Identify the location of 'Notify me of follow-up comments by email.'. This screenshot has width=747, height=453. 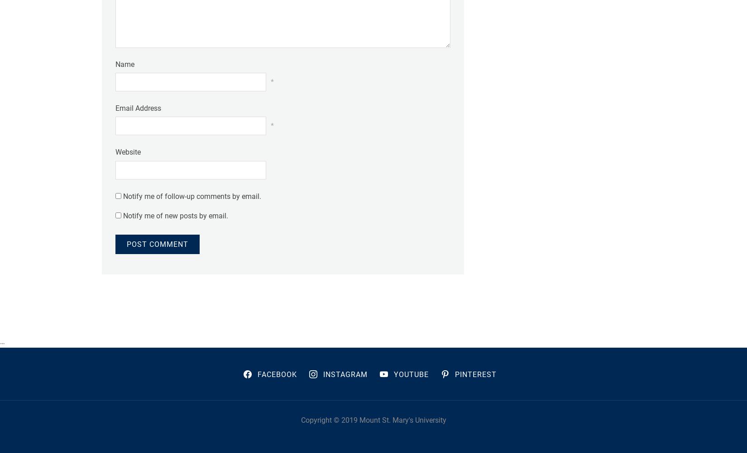
(192, 195).